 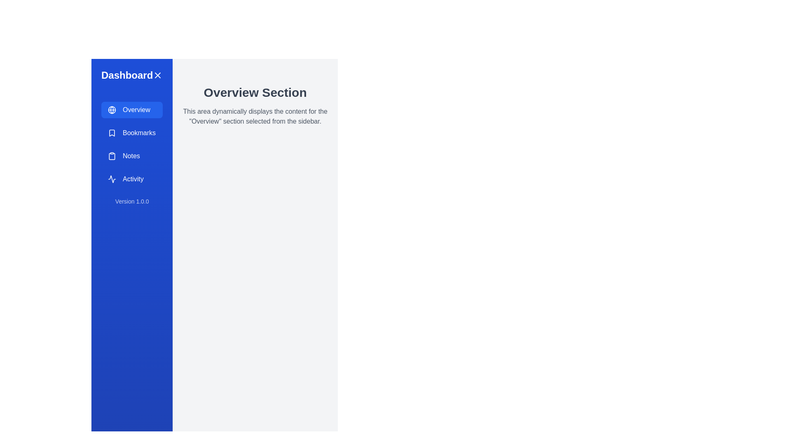 I want to click on the sidebar navigation option Bookmarks, so click(x=132, y=133).